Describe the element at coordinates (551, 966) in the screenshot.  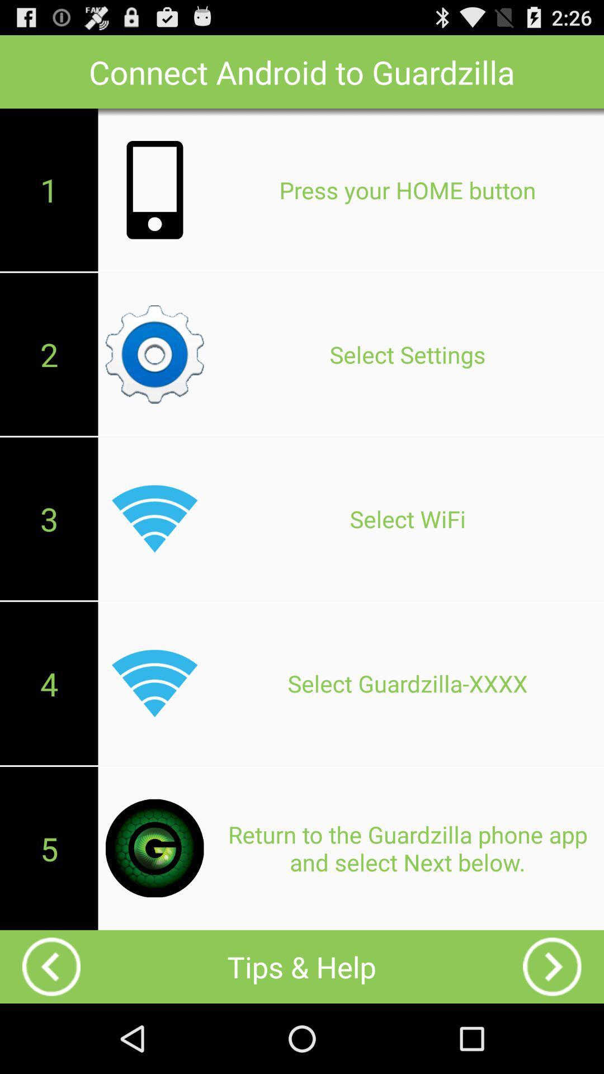
I see `more tips` at that location.